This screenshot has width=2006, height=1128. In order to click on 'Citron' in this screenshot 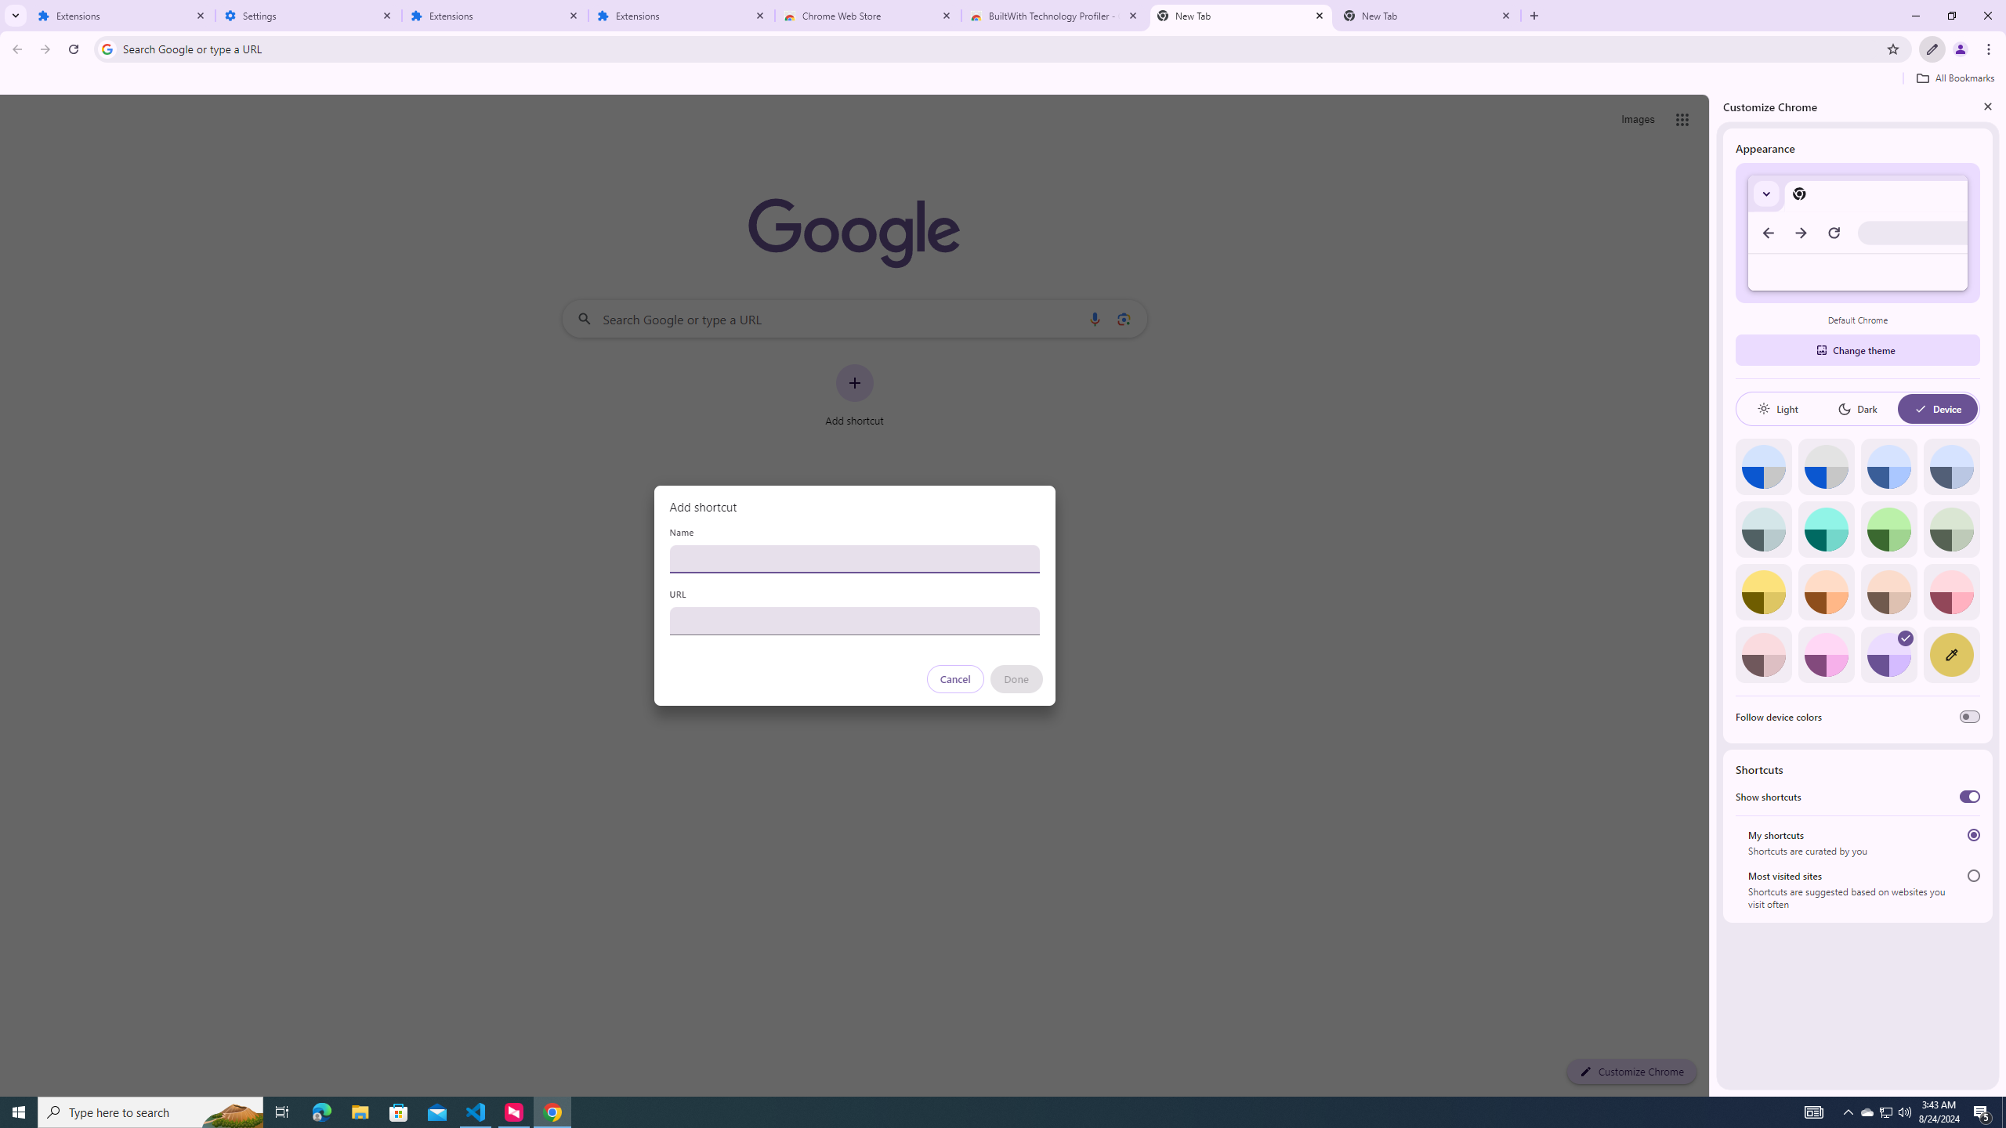, I will do `click(1763, 591)`.